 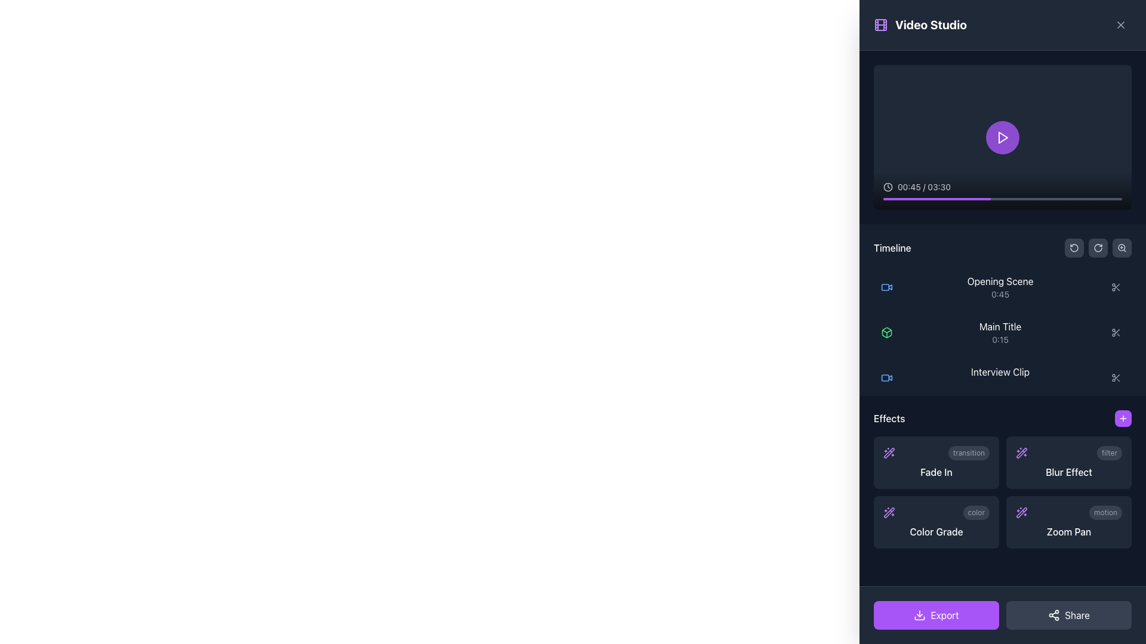 What do you see at coordinates (1116, 333) in the screenshot?
I see `the scissors icon button located in the right-hand section of the interface within the 'Timeline' region, specifically for the 'Main Title' timeline item` at bounding box center [1116, 333].